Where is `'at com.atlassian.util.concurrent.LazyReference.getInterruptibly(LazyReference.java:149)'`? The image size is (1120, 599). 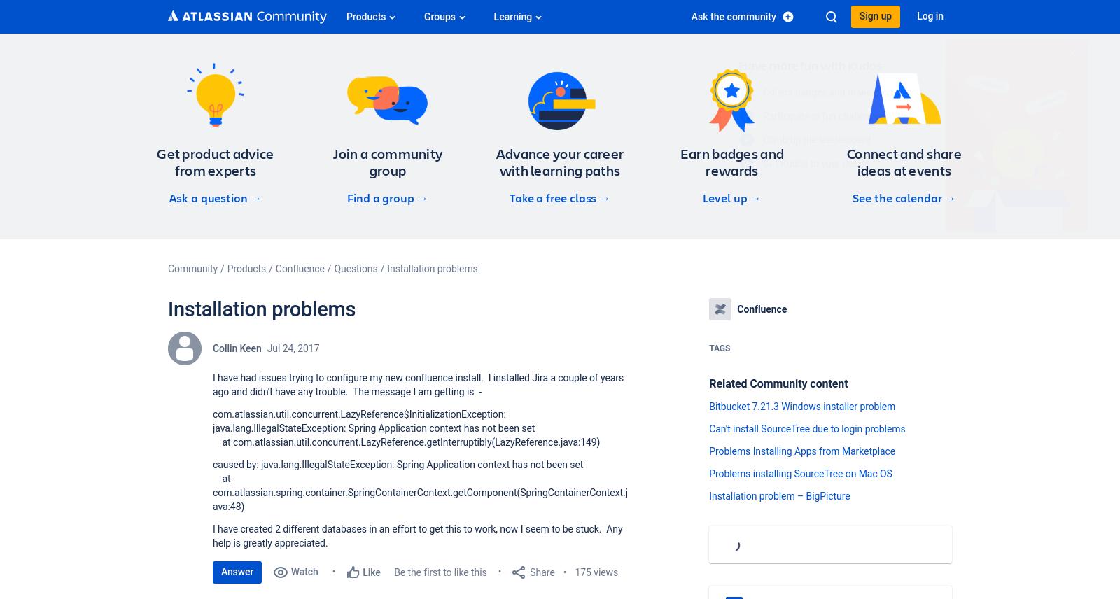 'at com.atlassian.util.concurrent.LazyReference.getInterruptibly(LazyReference.java:149)' is located at coordinates (405, 441).